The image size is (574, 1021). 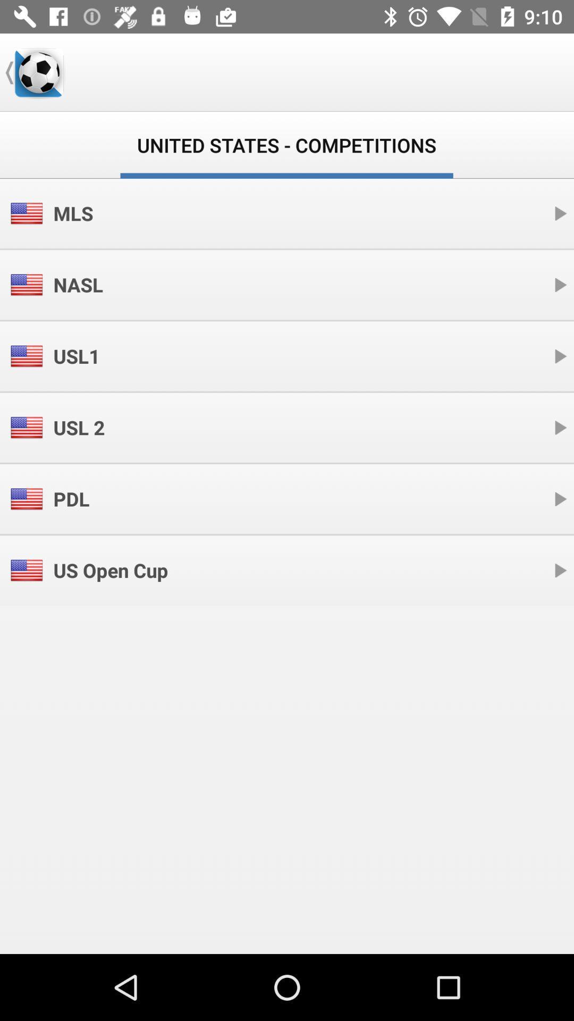 What do you see at coordinates (38, 72) in the screenshot?
I see `icon above the mls item` at bounding box center [38, 72].